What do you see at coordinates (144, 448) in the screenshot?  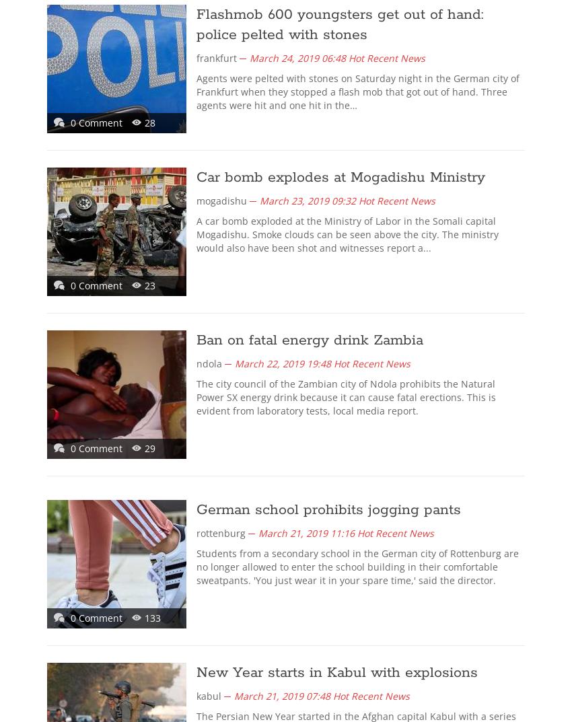 I see `'29'` at bounding box center [144, 448].